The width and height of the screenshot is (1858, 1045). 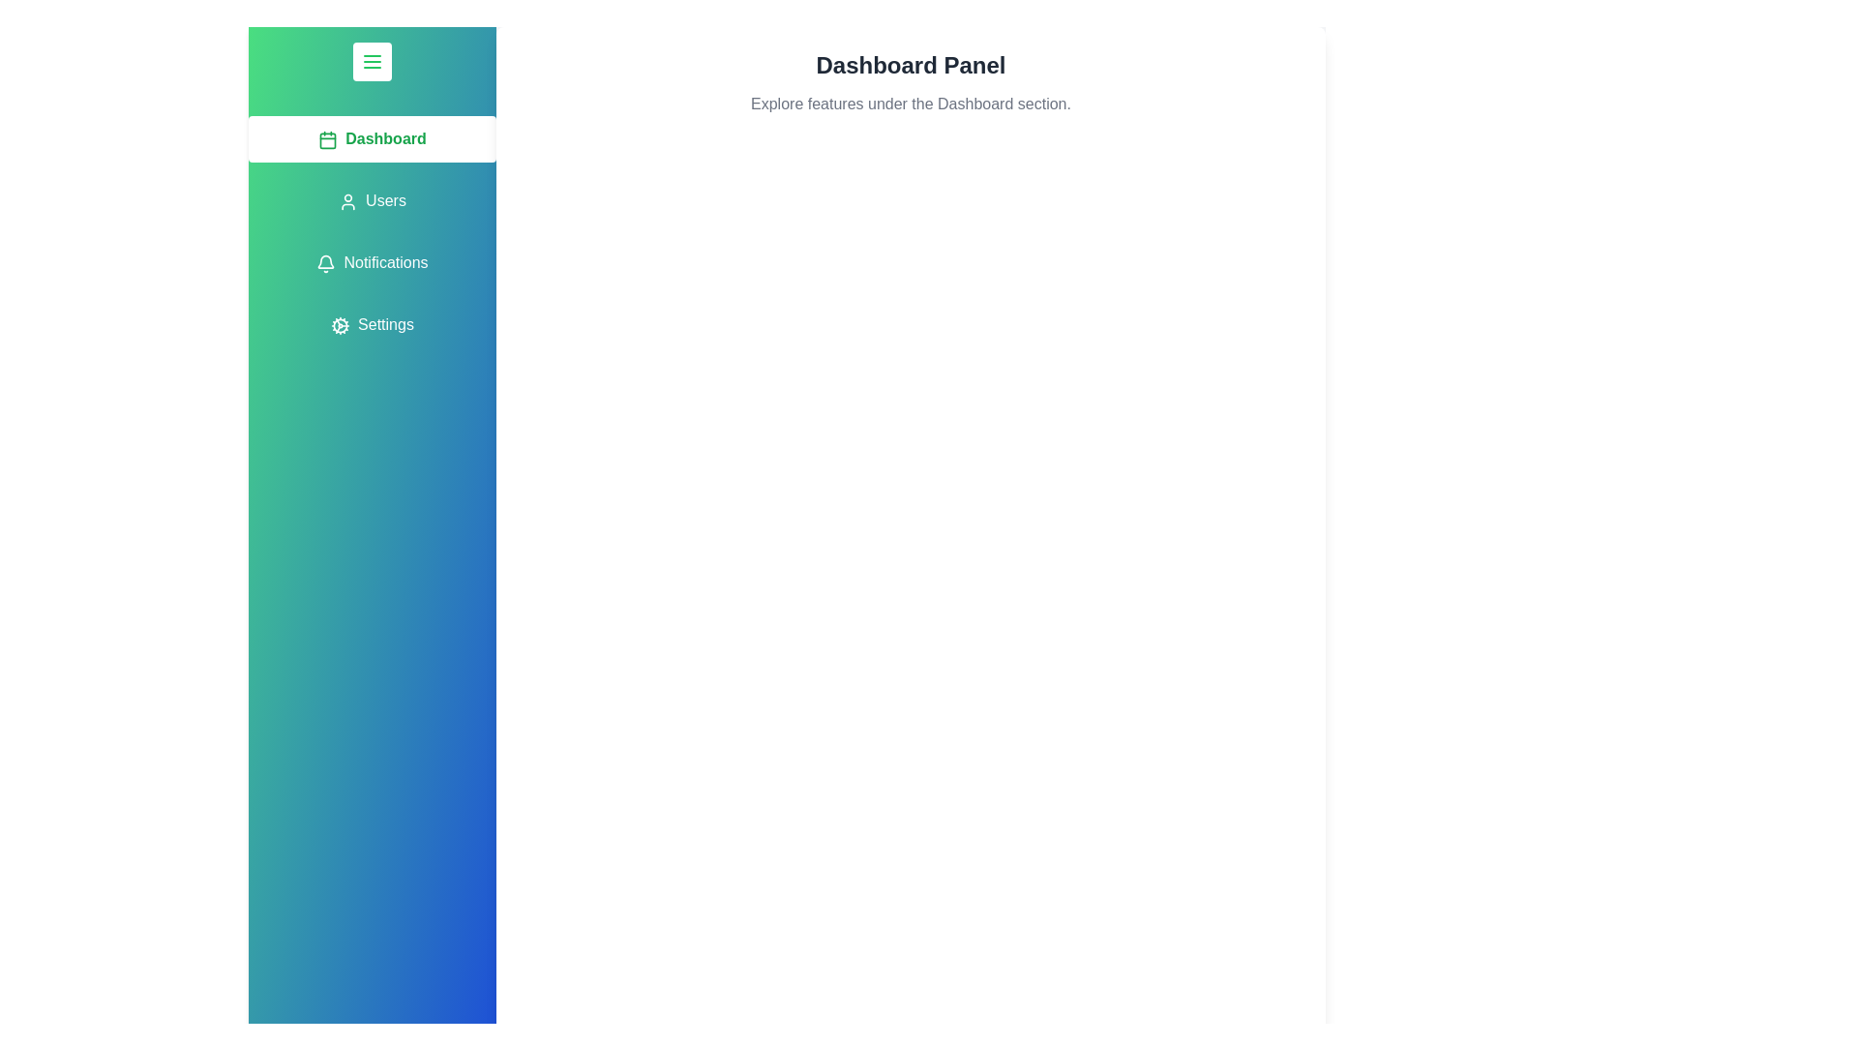 What do you see at coordinates (372, 137) in the screenshot?
I see `the tab labeled Dashboard from the menu` at bounding box center [372, 137].